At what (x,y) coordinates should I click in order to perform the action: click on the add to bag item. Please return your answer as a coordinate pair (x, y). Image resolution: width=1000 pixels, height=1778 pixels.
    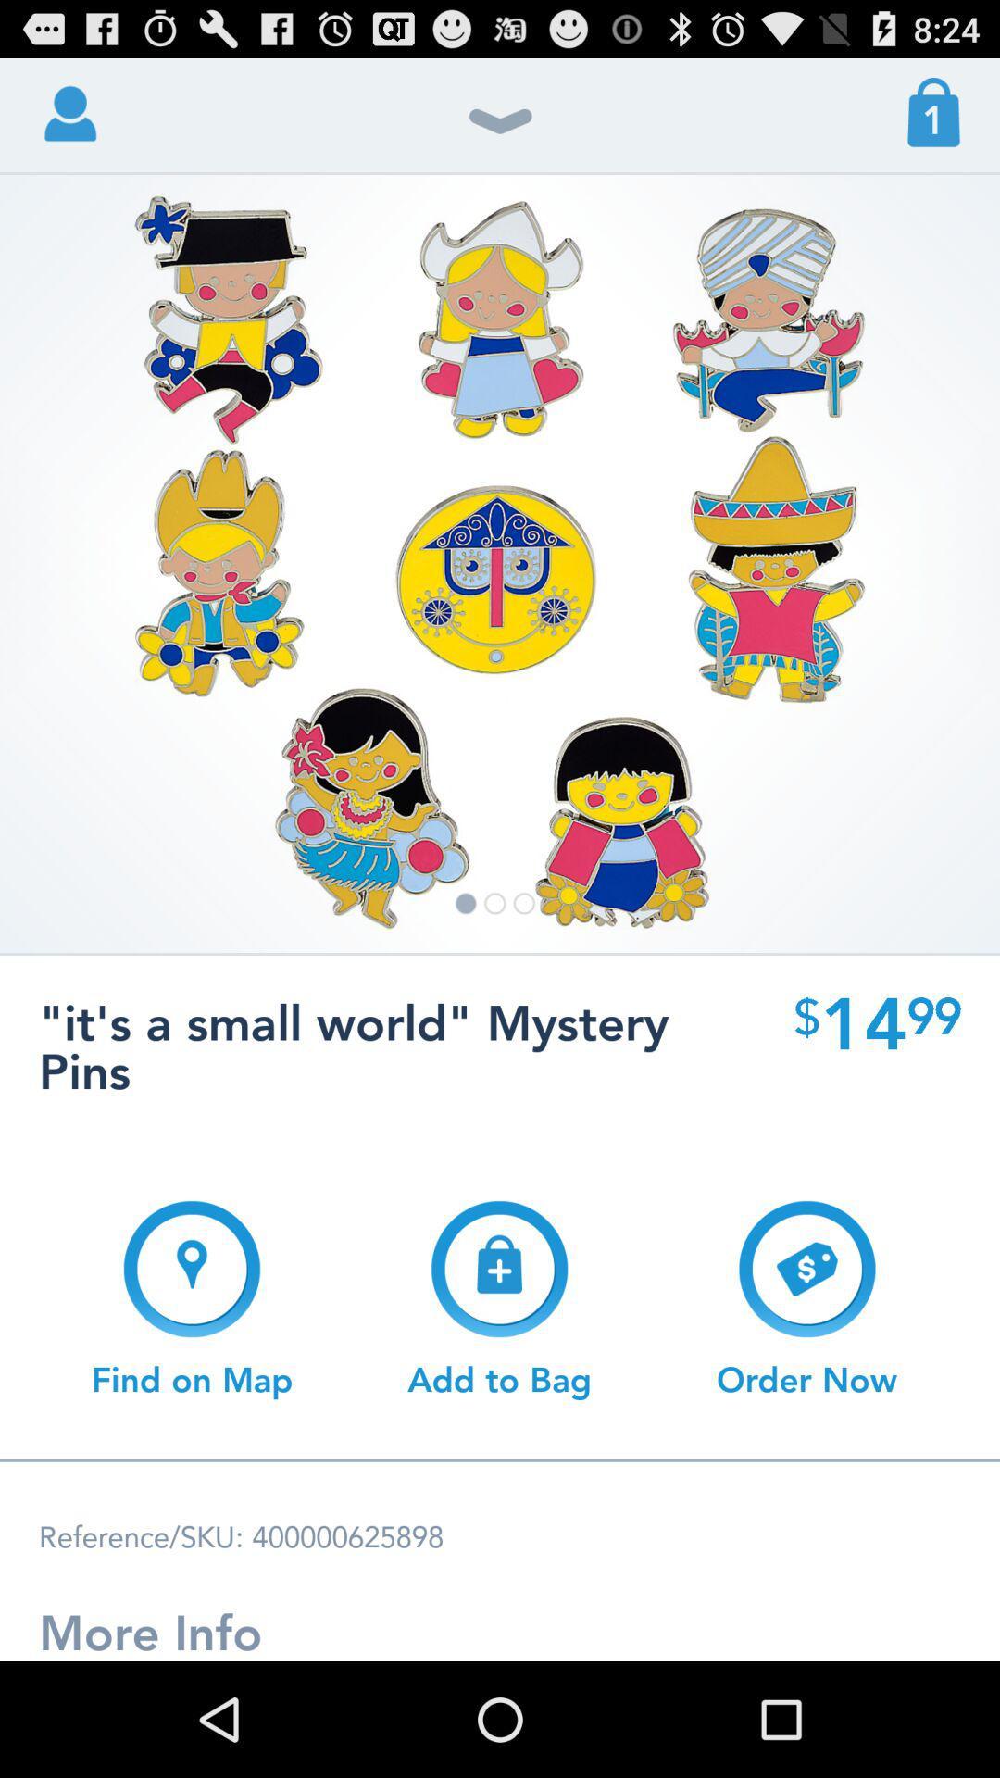
    Looking at the image, I should click on (498, 1298).